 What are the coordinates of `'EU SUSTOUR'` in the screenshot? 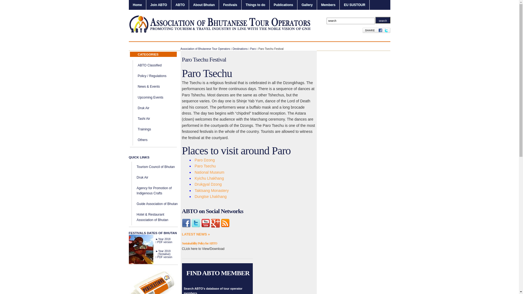 It's located at (354, 5).